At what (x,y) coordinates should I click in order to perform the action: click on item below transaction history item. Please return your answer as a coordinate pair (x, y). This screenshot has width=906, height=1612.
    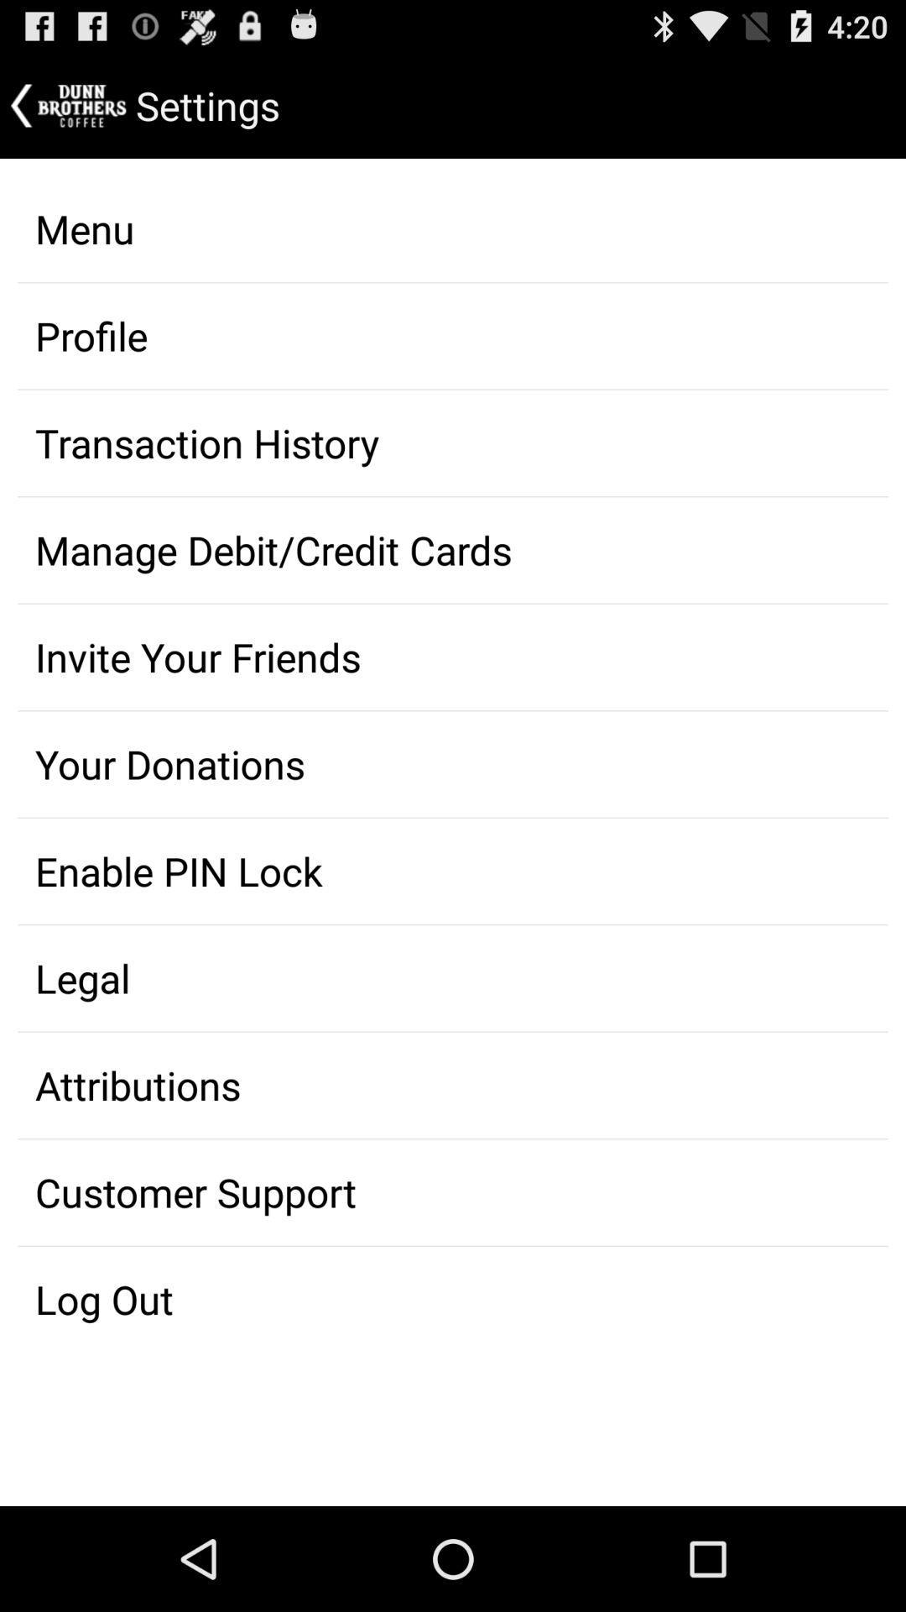
    Looking at the image, I should click on (453, 550).